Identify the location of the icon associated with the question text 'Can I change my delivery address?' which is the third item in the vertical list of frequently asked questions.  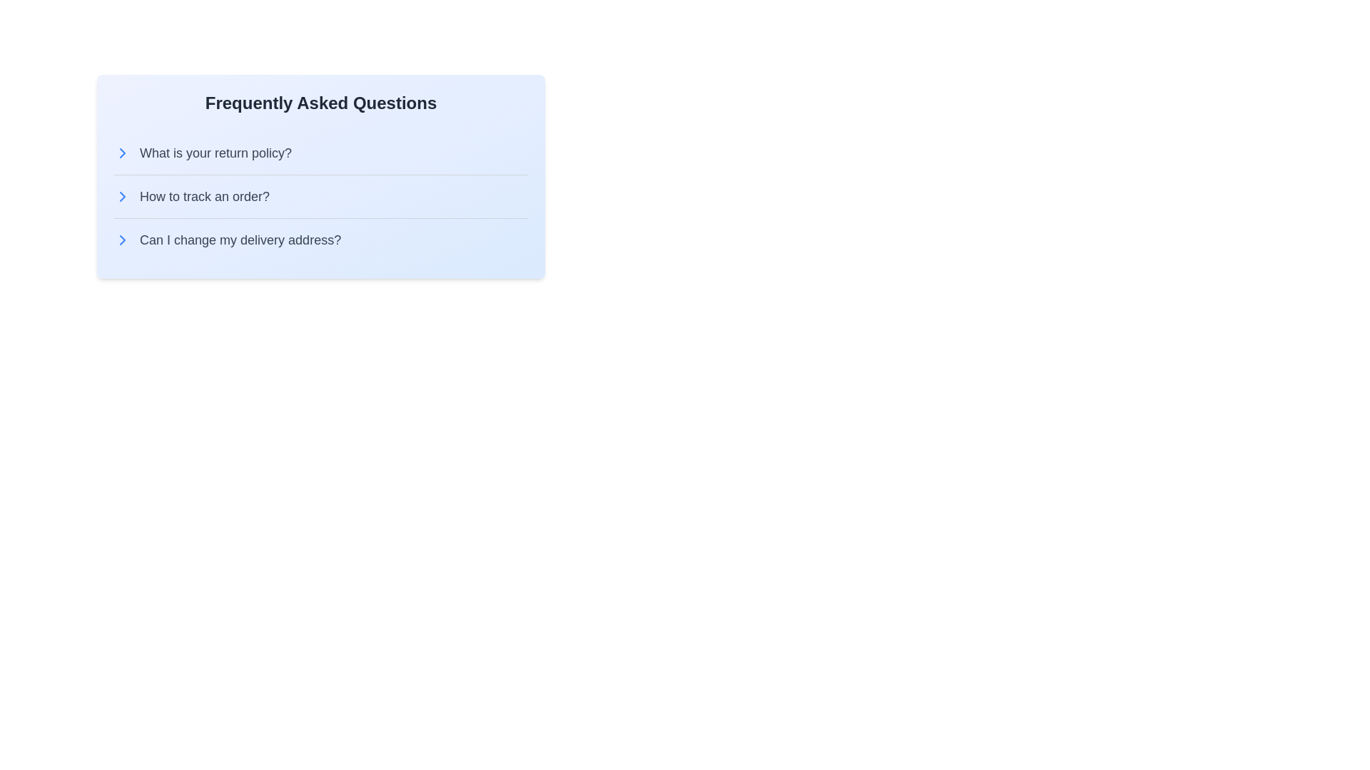
(123, 239).